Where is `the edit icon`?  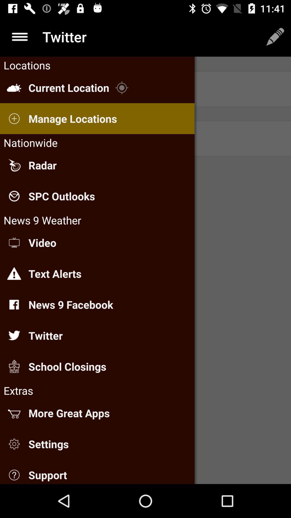 the edit icon is located at coordinates (275, 36).